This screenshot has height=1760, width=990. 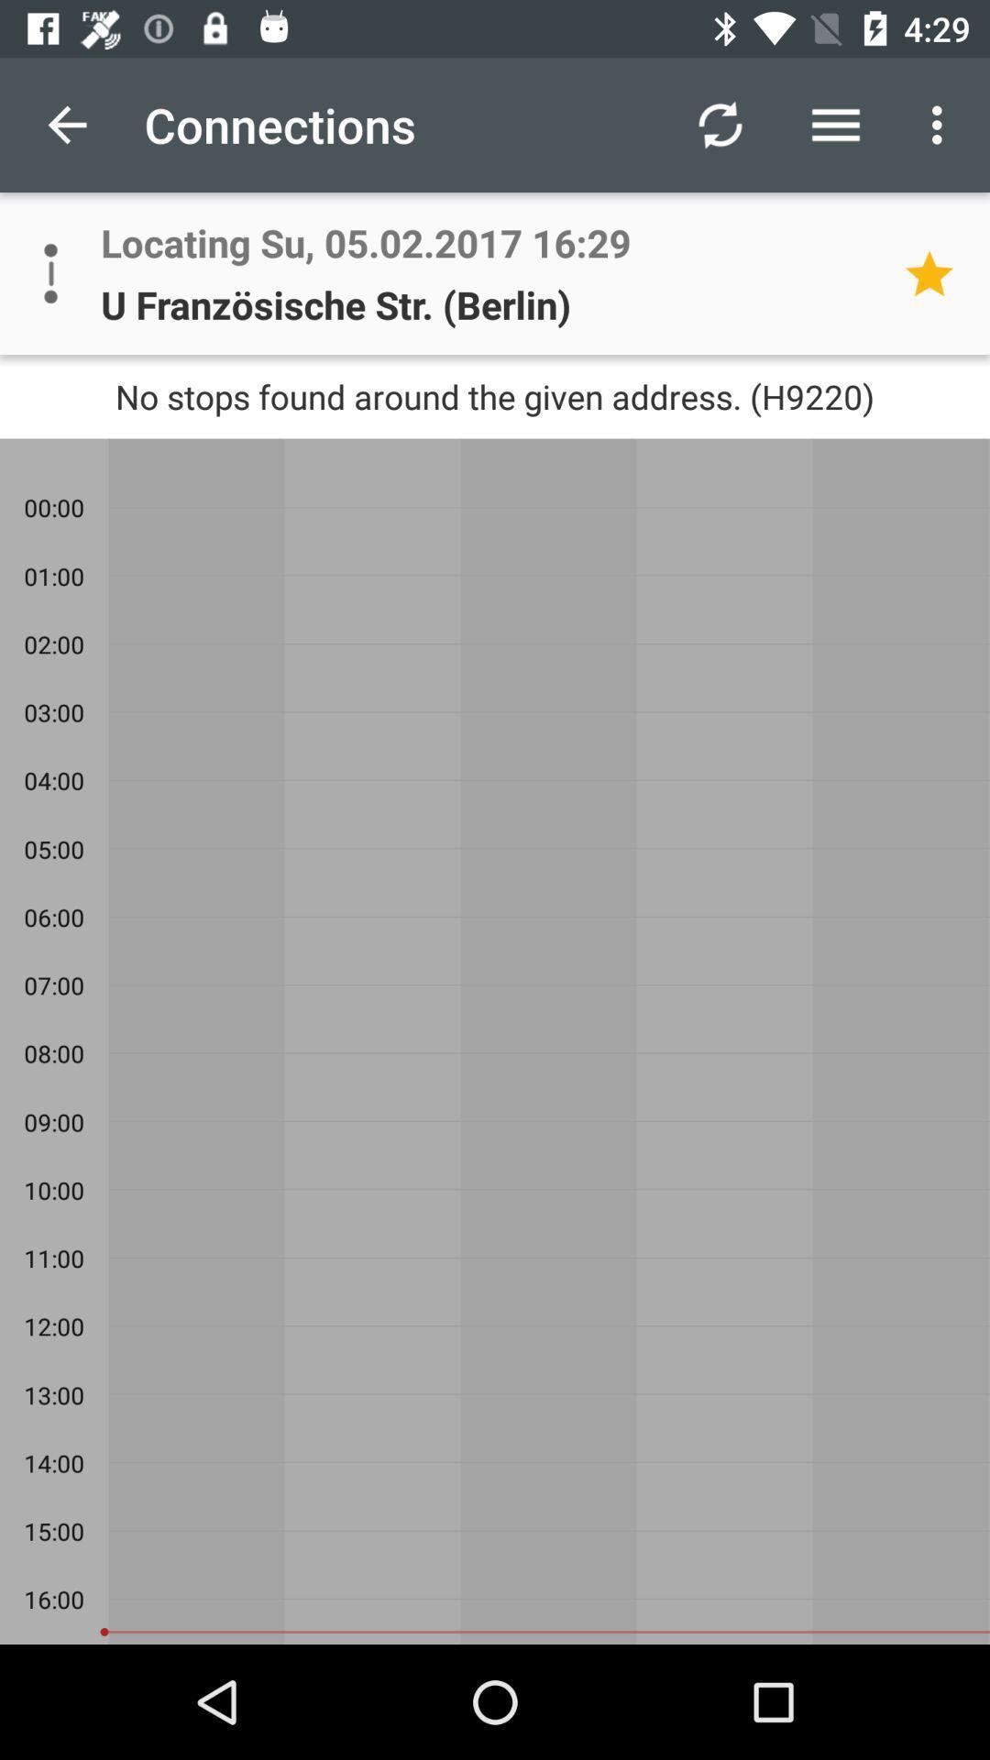 What do you see at coordinates (935, 272) in the screenshot?
I see `the star icon` at bounding box center [935, 272].